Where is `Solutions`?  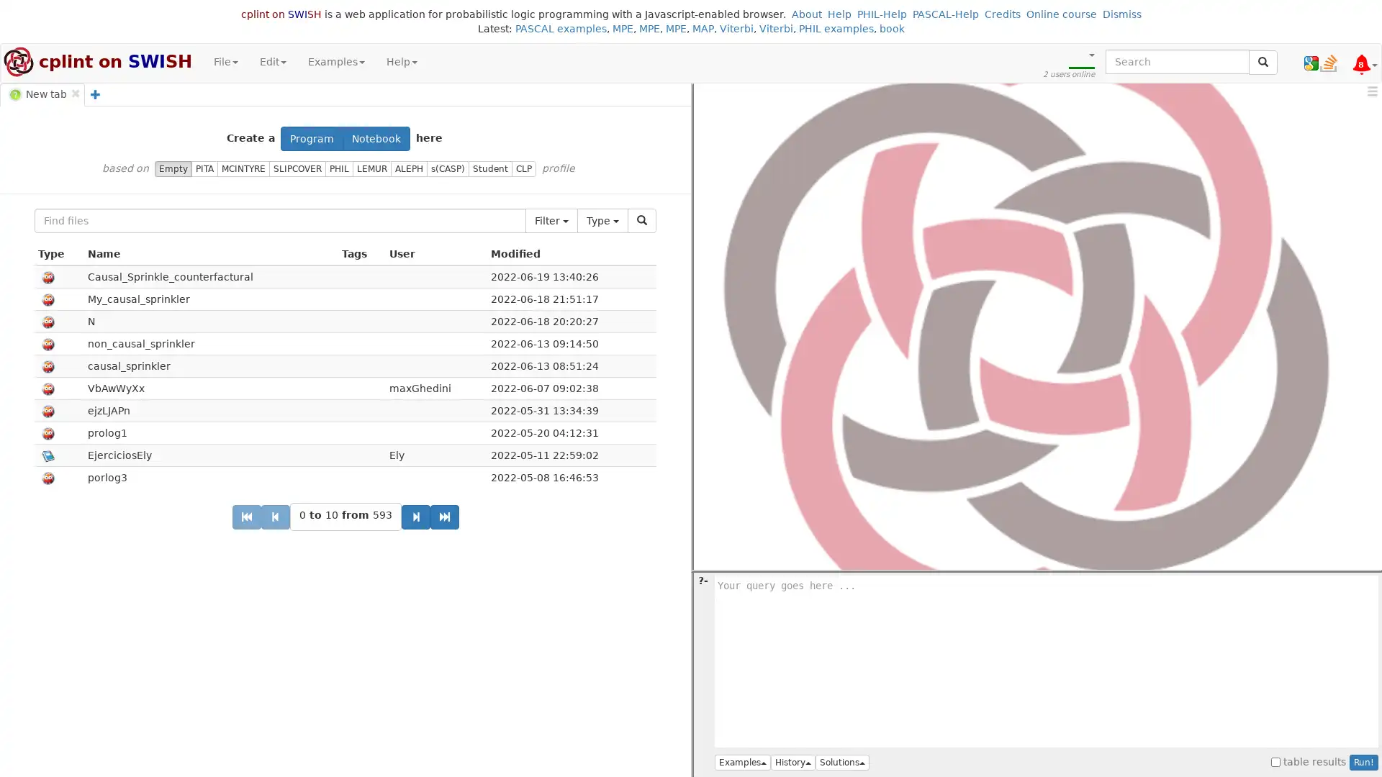
Solutions is located at coordinates (842, 762).